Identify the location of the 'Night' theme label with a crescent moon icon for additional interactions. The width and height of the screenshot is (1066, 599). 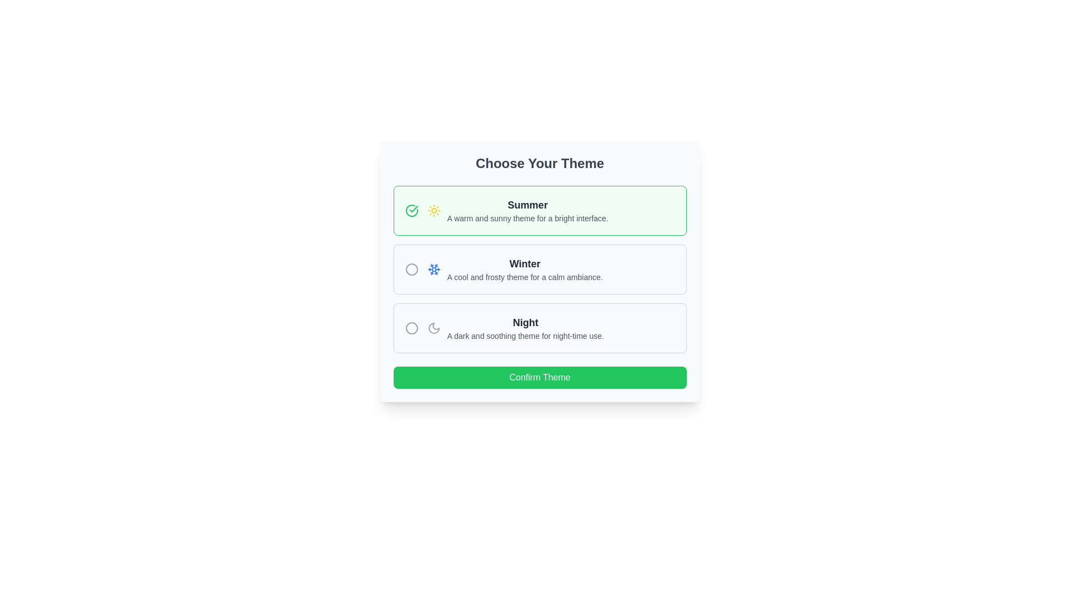
(515, 327).